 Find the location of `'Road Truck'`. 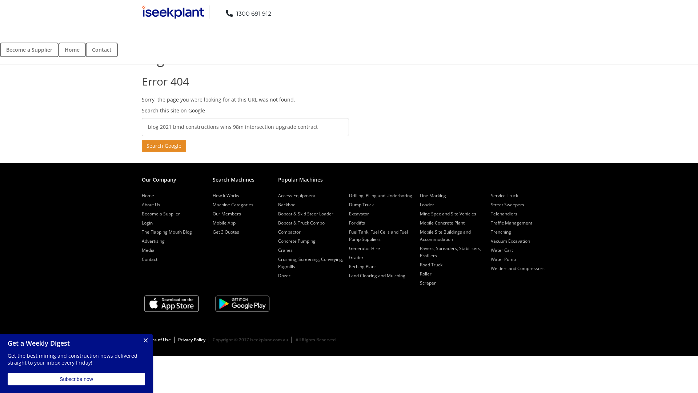

'Road Truck' is located at coordinates (431, 265).